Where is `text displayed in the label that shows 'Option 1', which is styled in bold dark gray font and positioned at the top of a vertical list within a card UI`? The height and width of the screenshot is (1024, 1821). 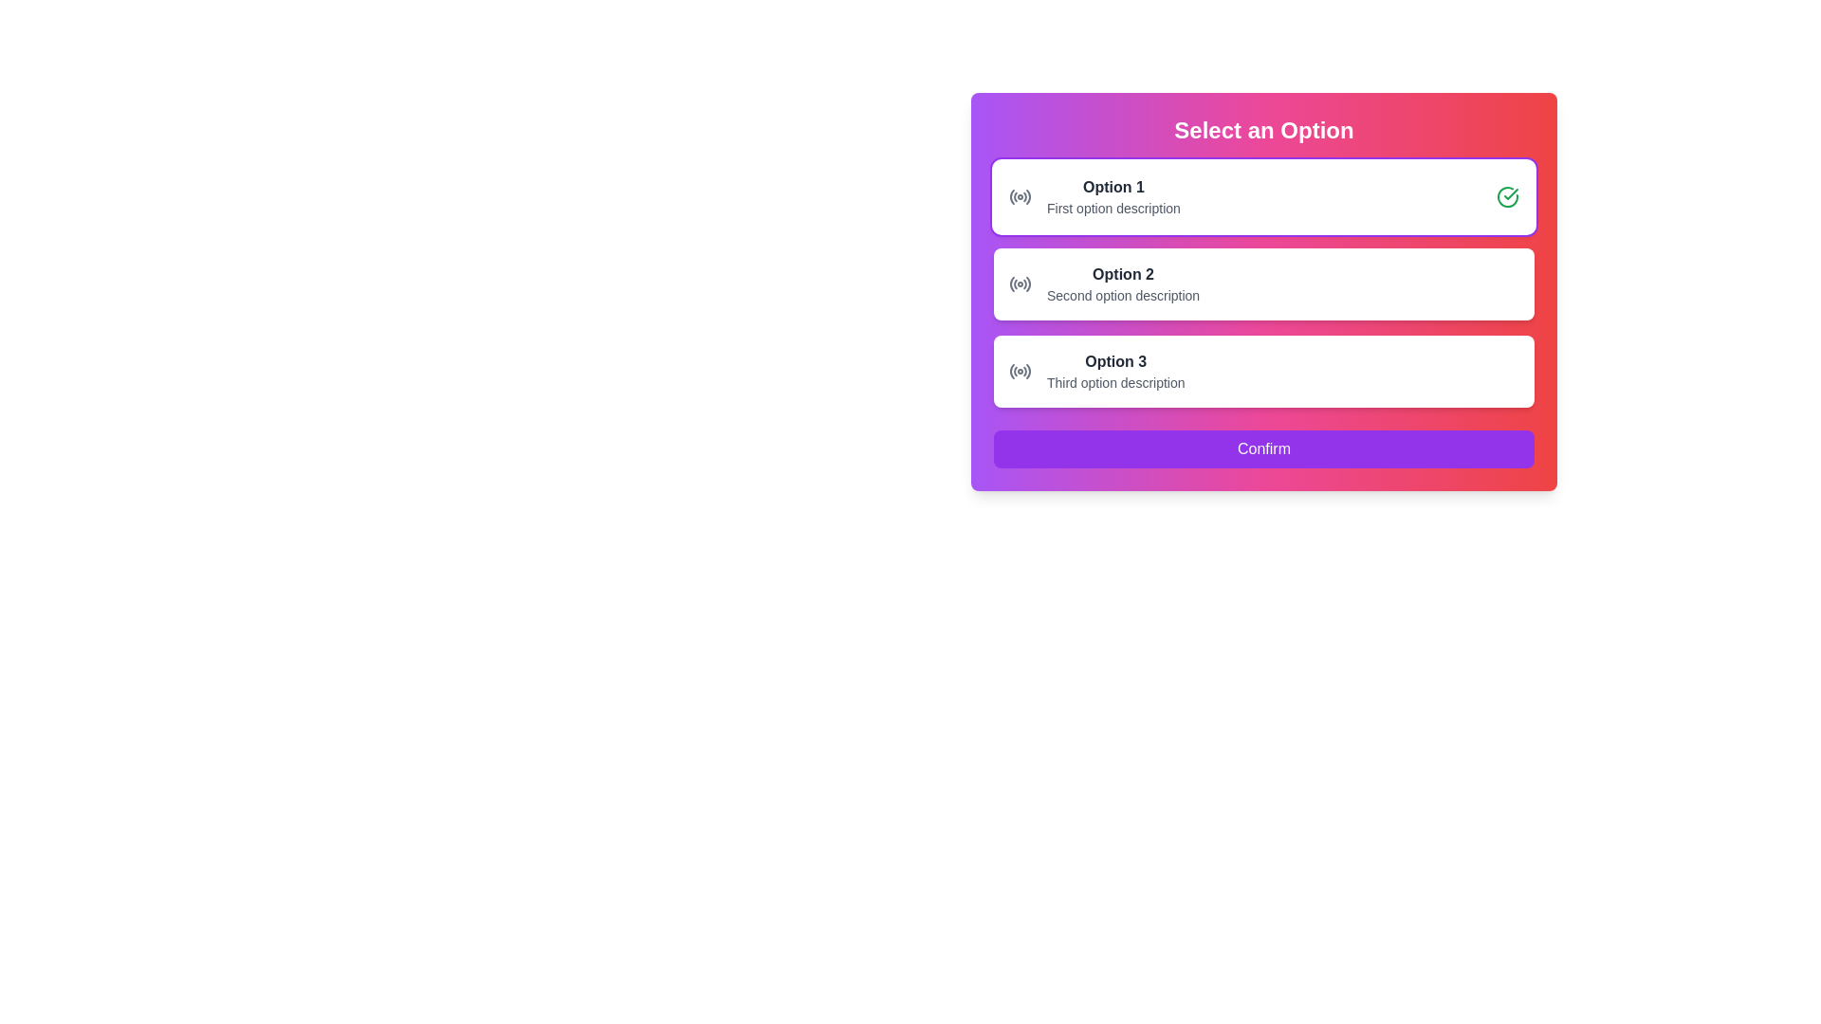 text displayed in the label that shows 'Option 1', which is styled in bold dark gray font and positioned at the top of a vertical list within a card UI is located at coordinates (1113, 187).